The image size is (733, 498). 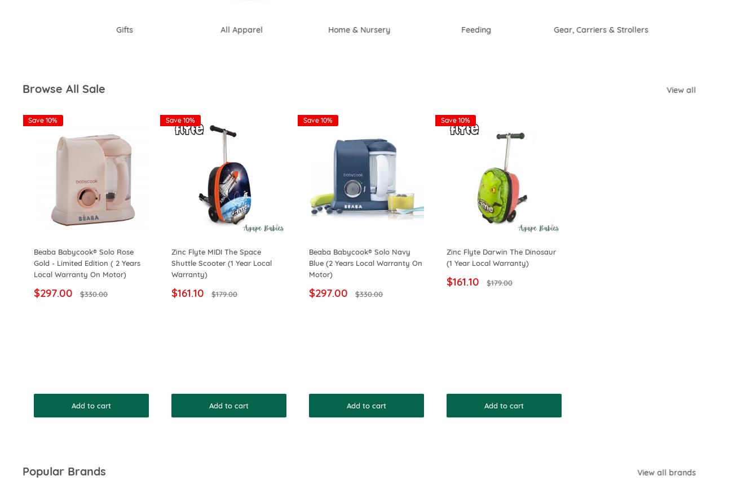 What do you see at coordinates (228, 29) in the screenshot?
I see `'All Apparel'` at bounding box center [228, 29].